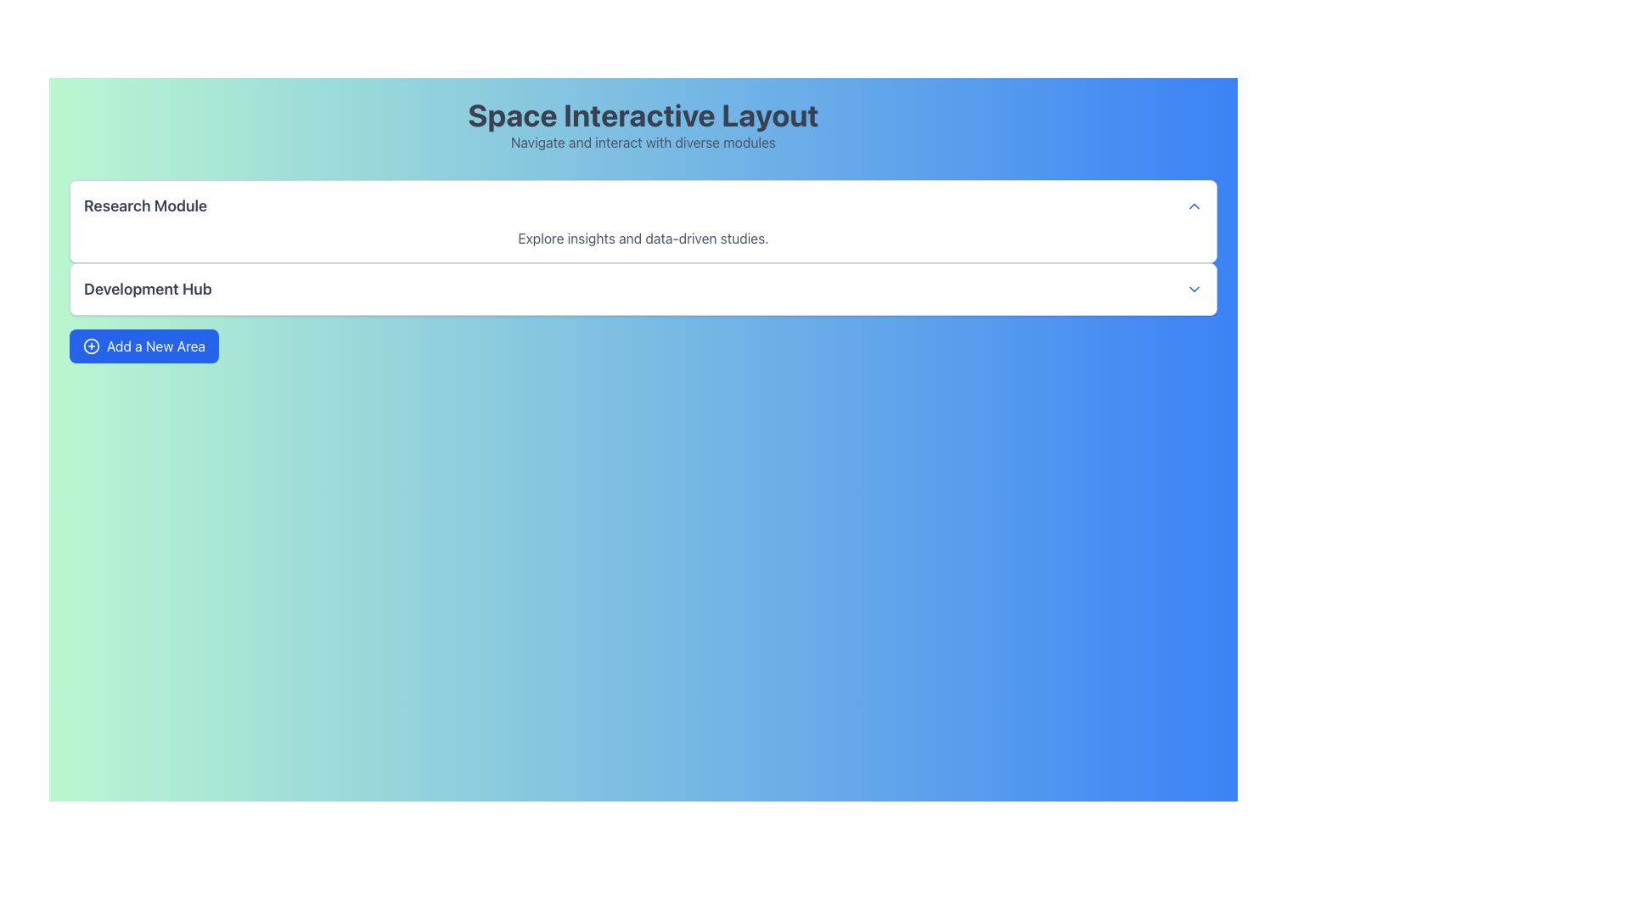 The height and width of the screenshot is (917, 1630). I want to click on the toggle button located at the far right end of the 'Research Module' header, so click(1193, 205).